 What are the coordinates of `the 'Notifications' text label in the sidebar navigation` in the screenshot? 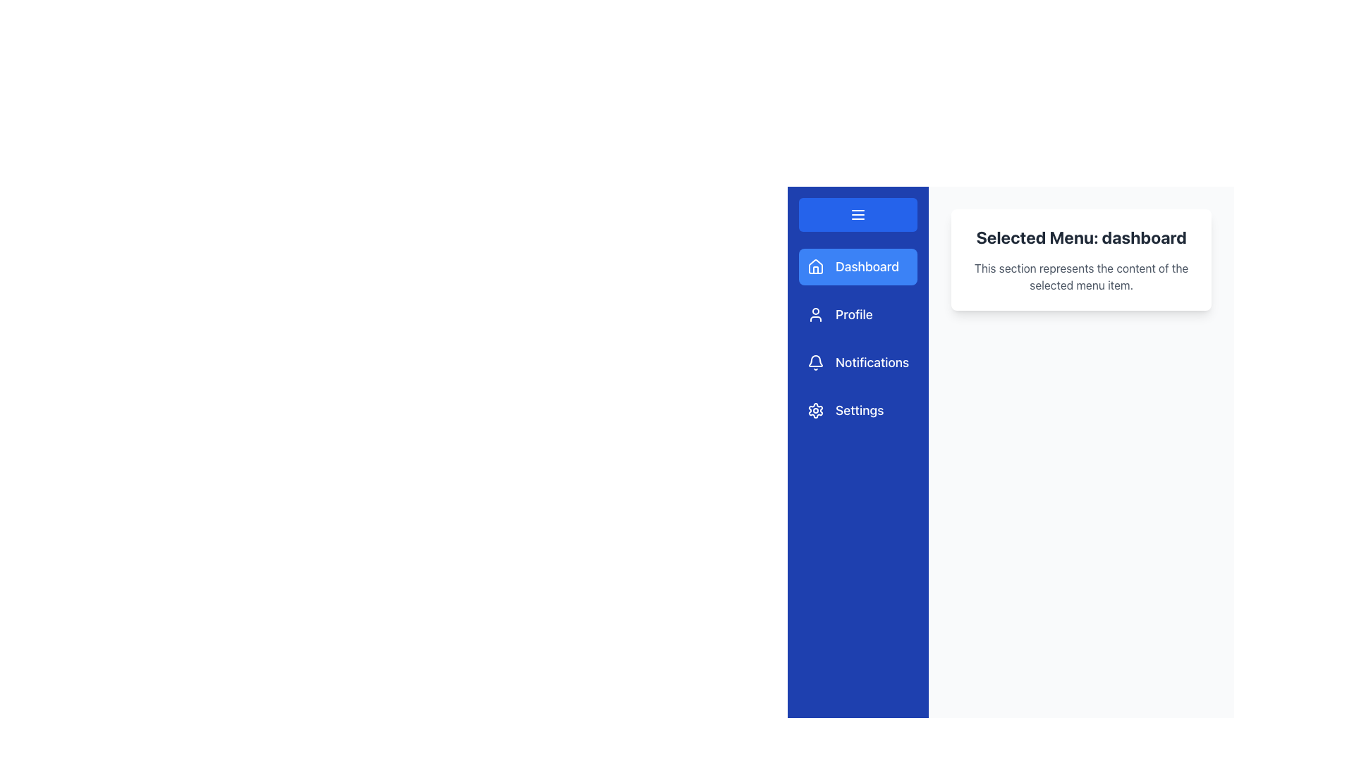 It's located at (872, 362).